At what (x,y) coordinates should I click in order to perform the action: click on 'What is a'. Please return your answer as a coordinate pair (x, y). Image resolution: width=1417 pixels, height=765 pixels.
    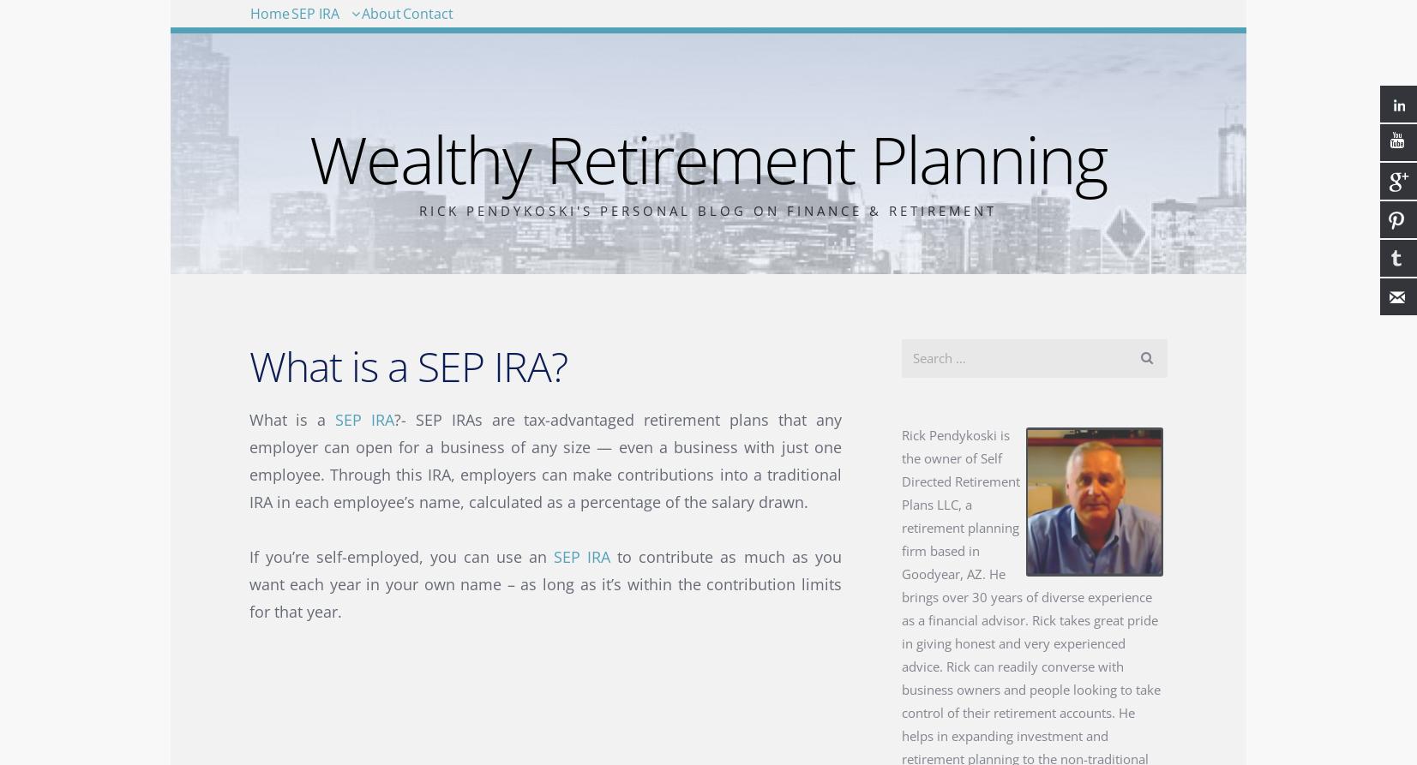
    Looking at the image, I should click on (291, 418).